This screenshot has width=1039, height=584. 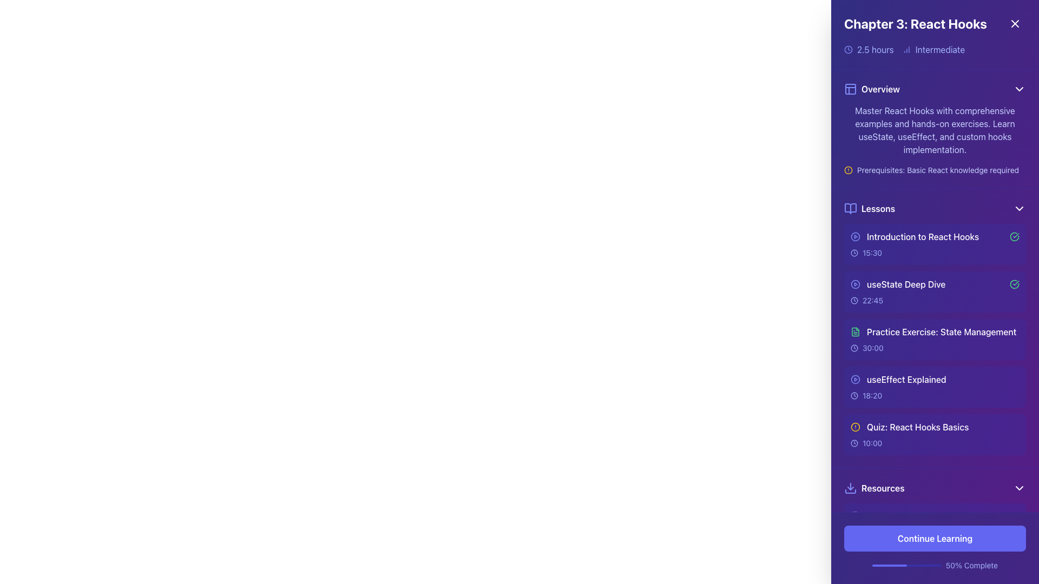 I want to click on the minimalistic clock icon located in the right-hand sidebar next to the text '10:00' under the 'Quiz: React Hooks Basics' entry, so click(x=854, y=443).